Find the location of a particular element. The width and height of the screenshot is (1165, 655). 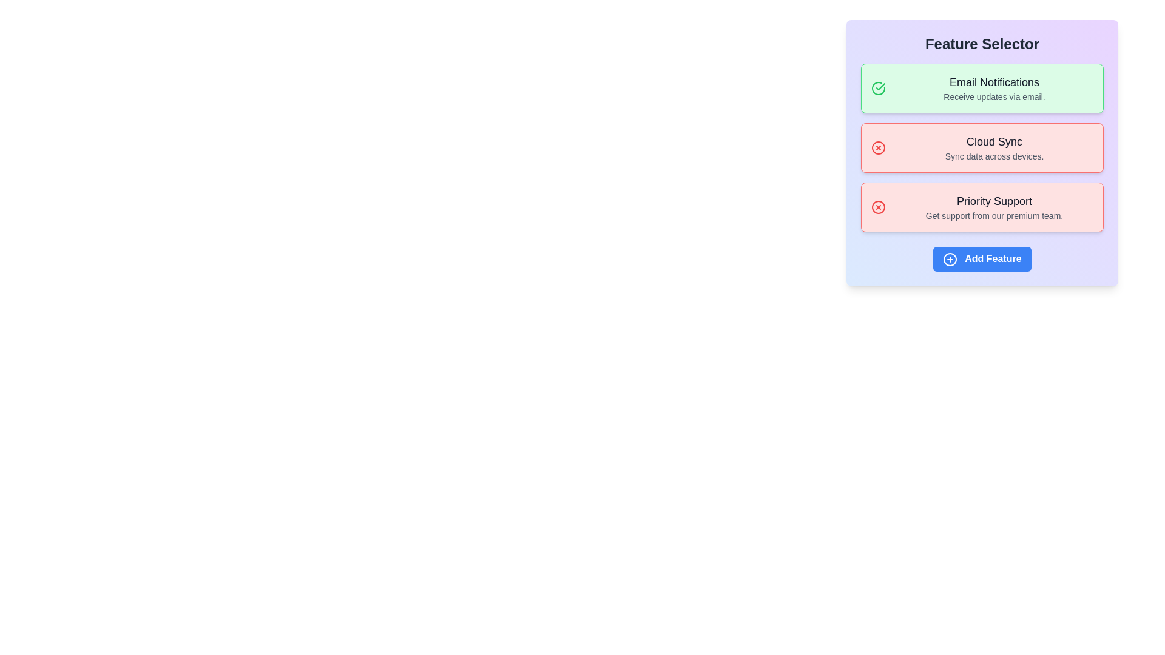

the text block that describes the feature for enabling email notifications, located at the top of the feature selection interface is located at coordinates (994, 88).